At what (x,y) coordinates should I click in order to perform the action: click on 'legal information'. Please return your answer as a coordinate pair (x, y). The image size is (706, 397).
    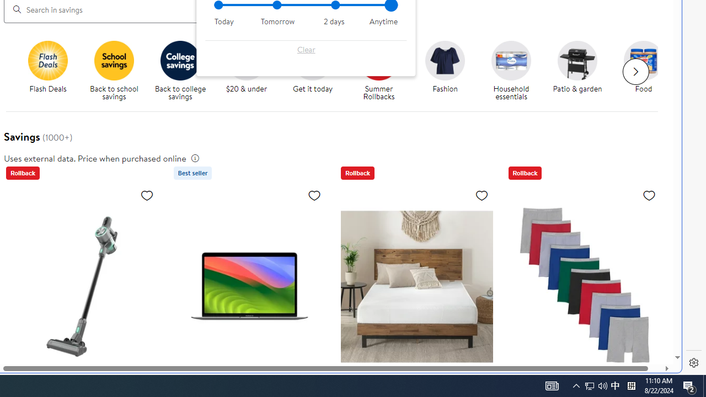
    Looking at the image, I should click on (195, 158).